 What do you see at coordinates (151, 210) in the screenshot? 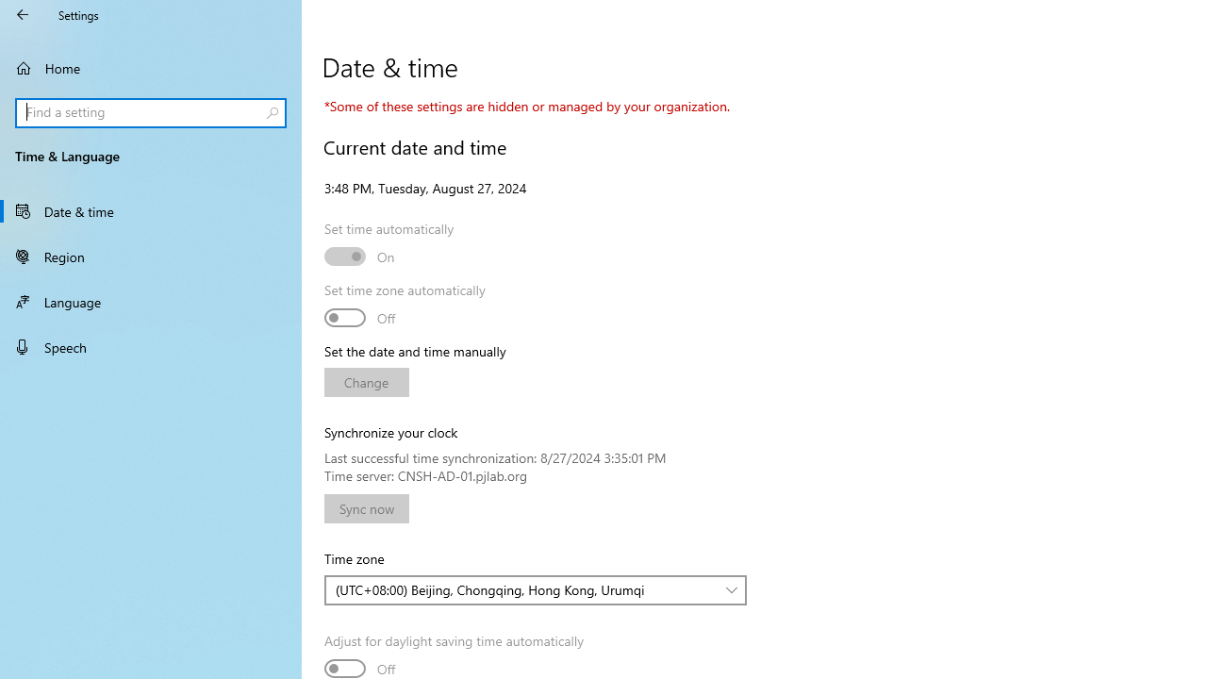
I see `'Date & time'` at bounding box center [151, 210].